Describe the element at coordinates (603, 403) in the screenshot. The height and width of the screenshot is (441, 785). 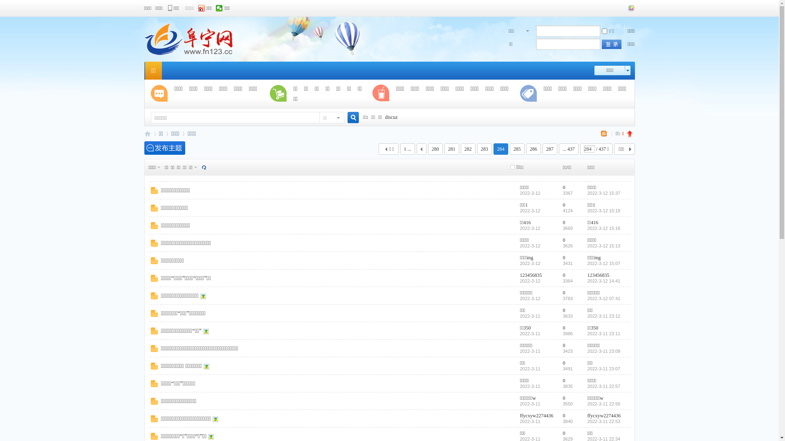
I see `'2022-3-11 22:56'` at that location.